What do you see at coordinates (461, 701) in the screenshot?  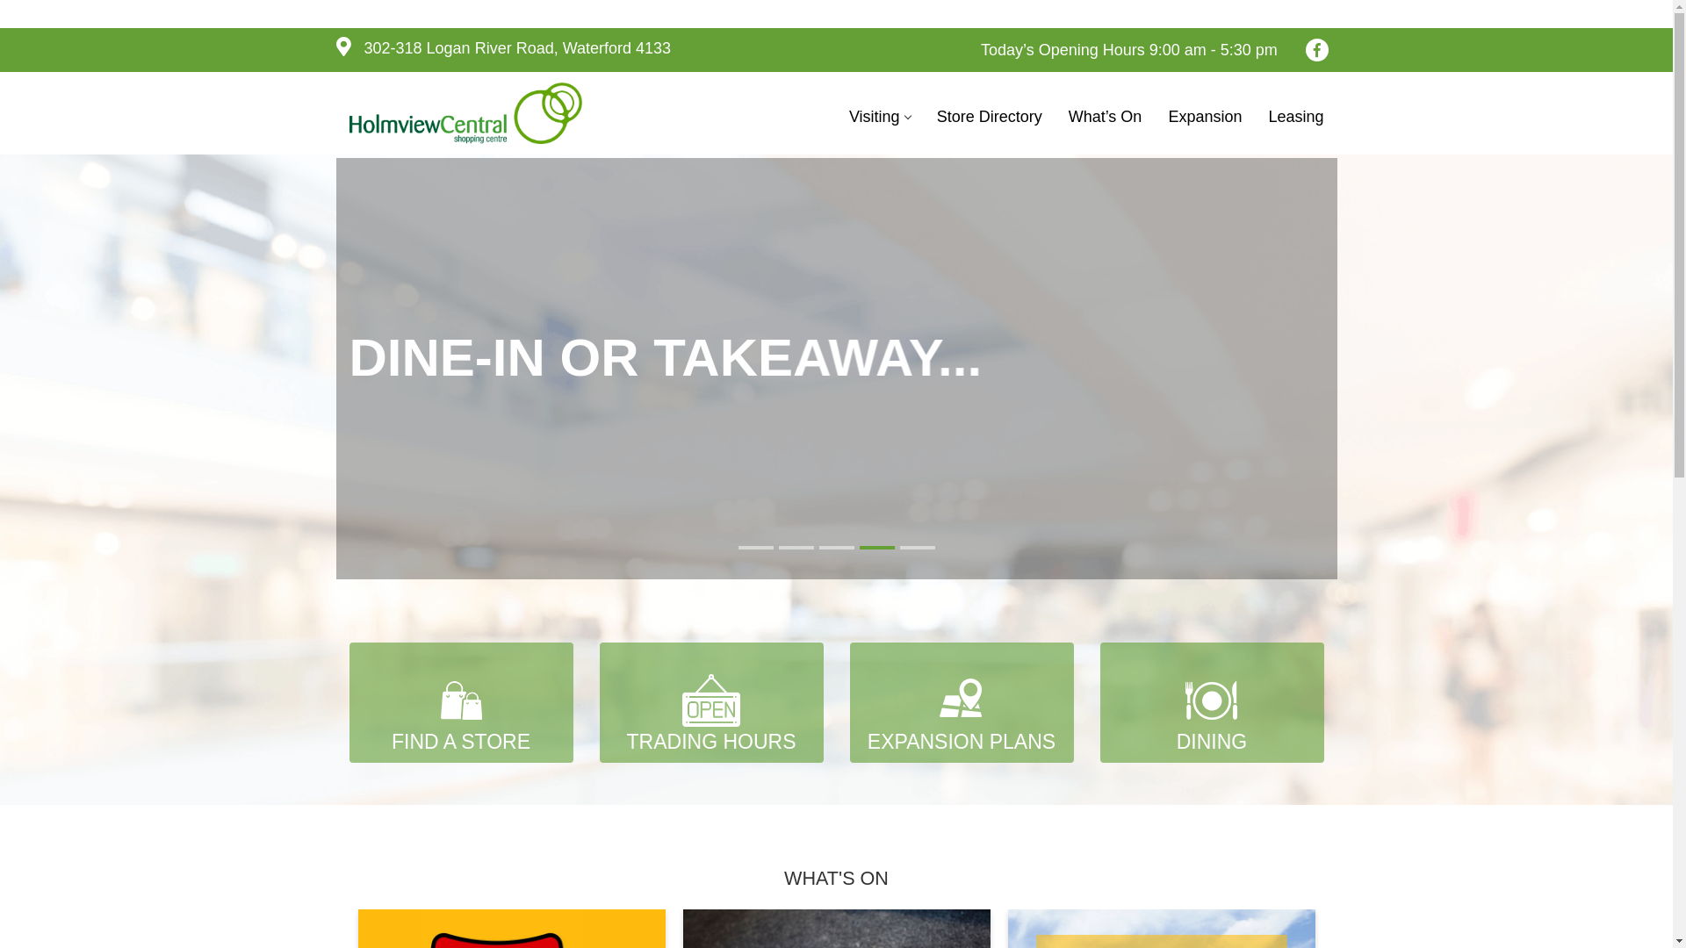 I see `'FIND A STORE'` at bounding box center [461, 701].